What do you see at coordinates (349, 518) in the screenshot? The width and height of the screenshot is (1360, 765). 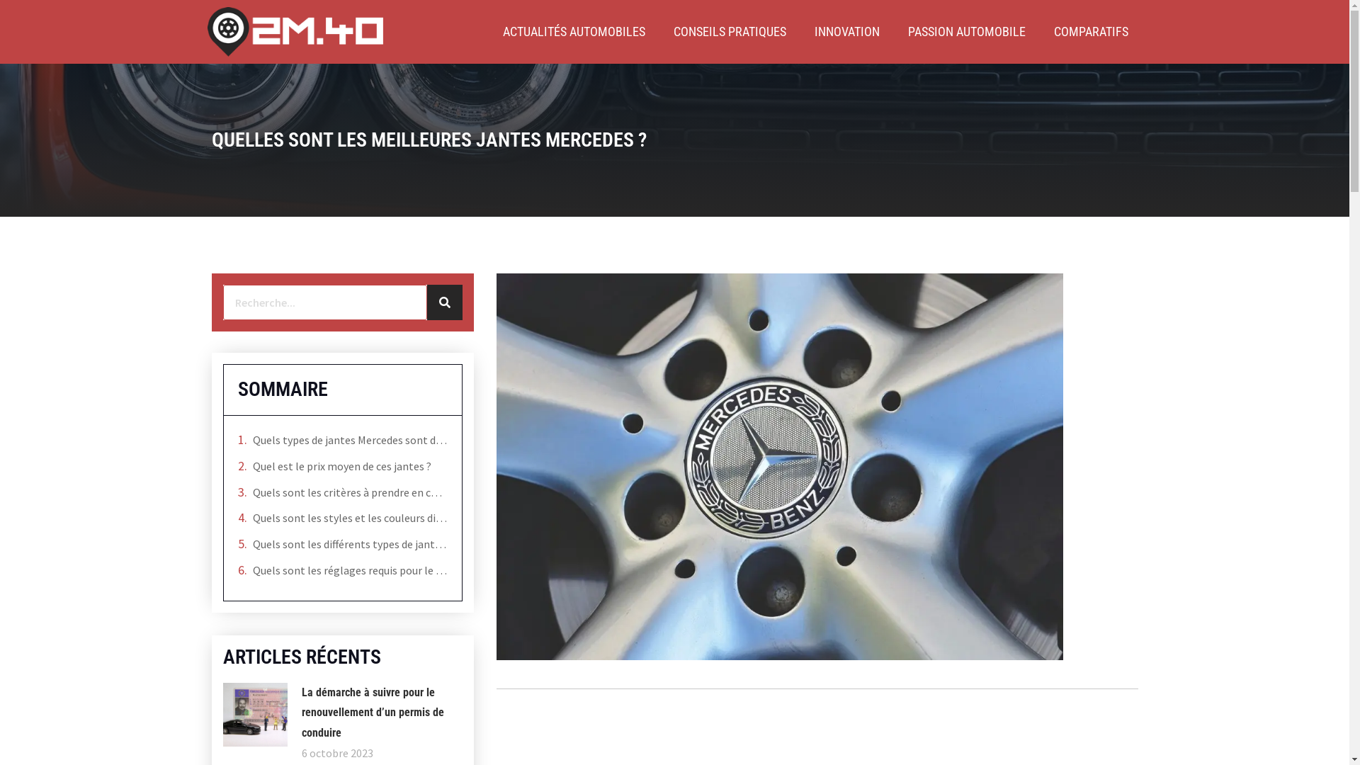 I see `'Quels sont les styles et les couleurs disponibles ?'` at bounding box center [349, 518].